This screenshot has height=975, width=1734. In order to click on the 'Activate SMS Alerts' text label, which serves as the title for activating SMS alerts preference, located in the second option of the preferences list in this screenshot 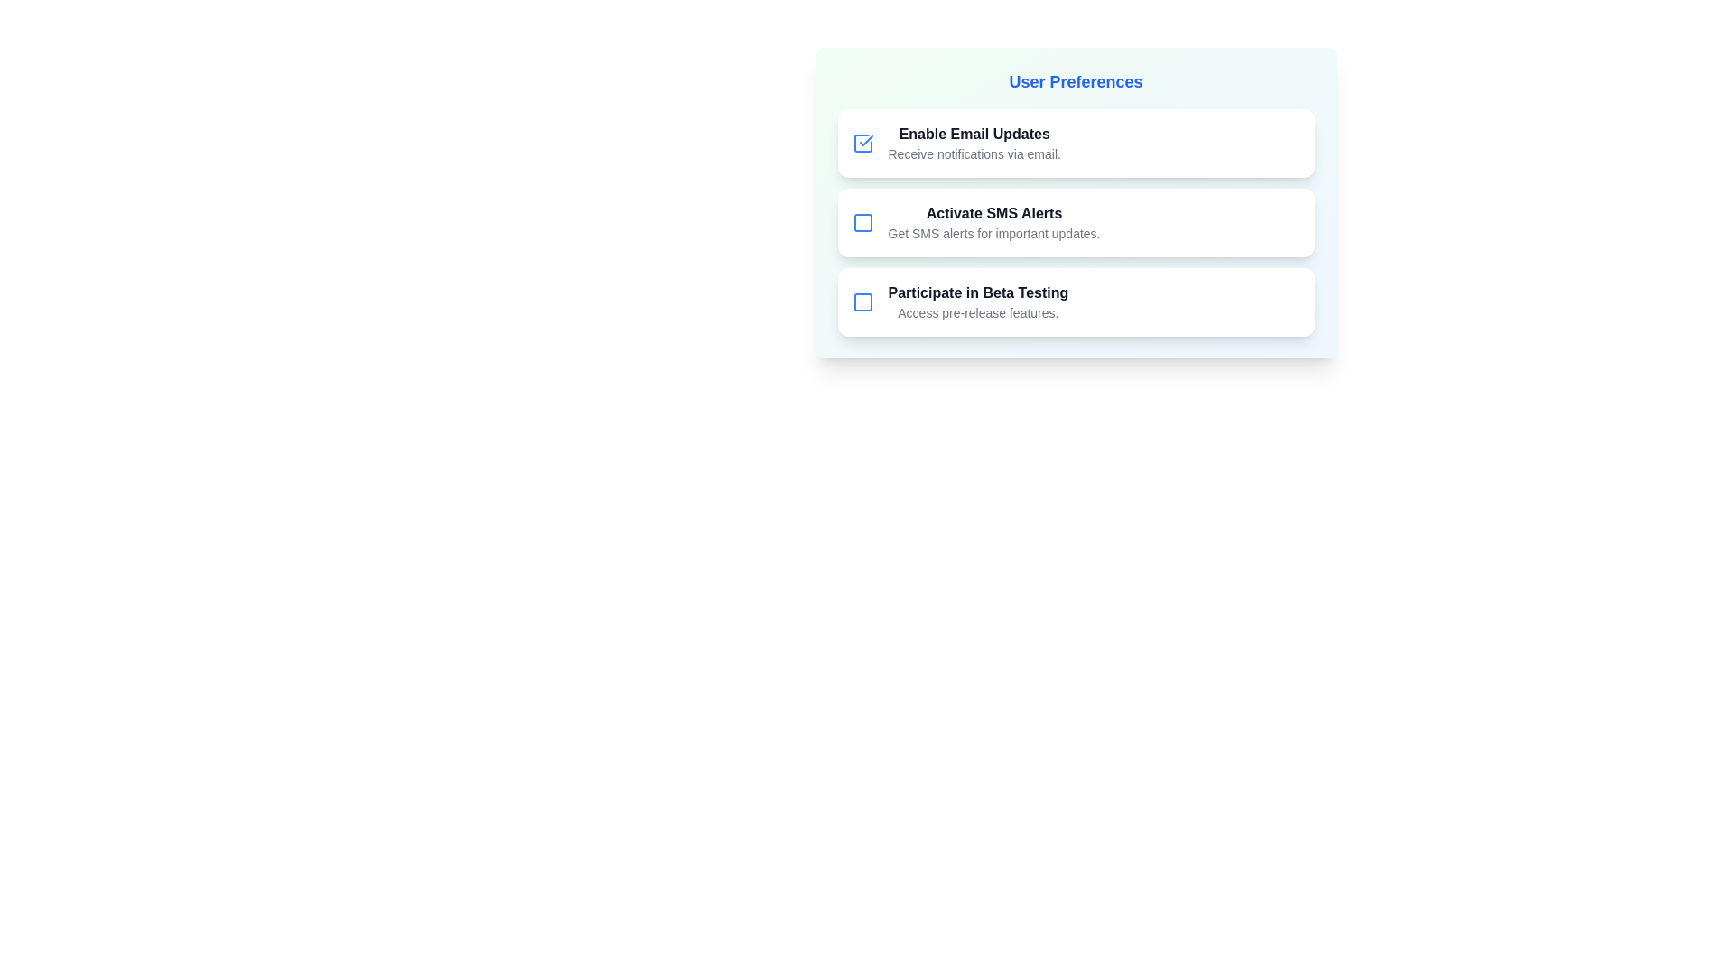, I will do `click(993, 212)`.